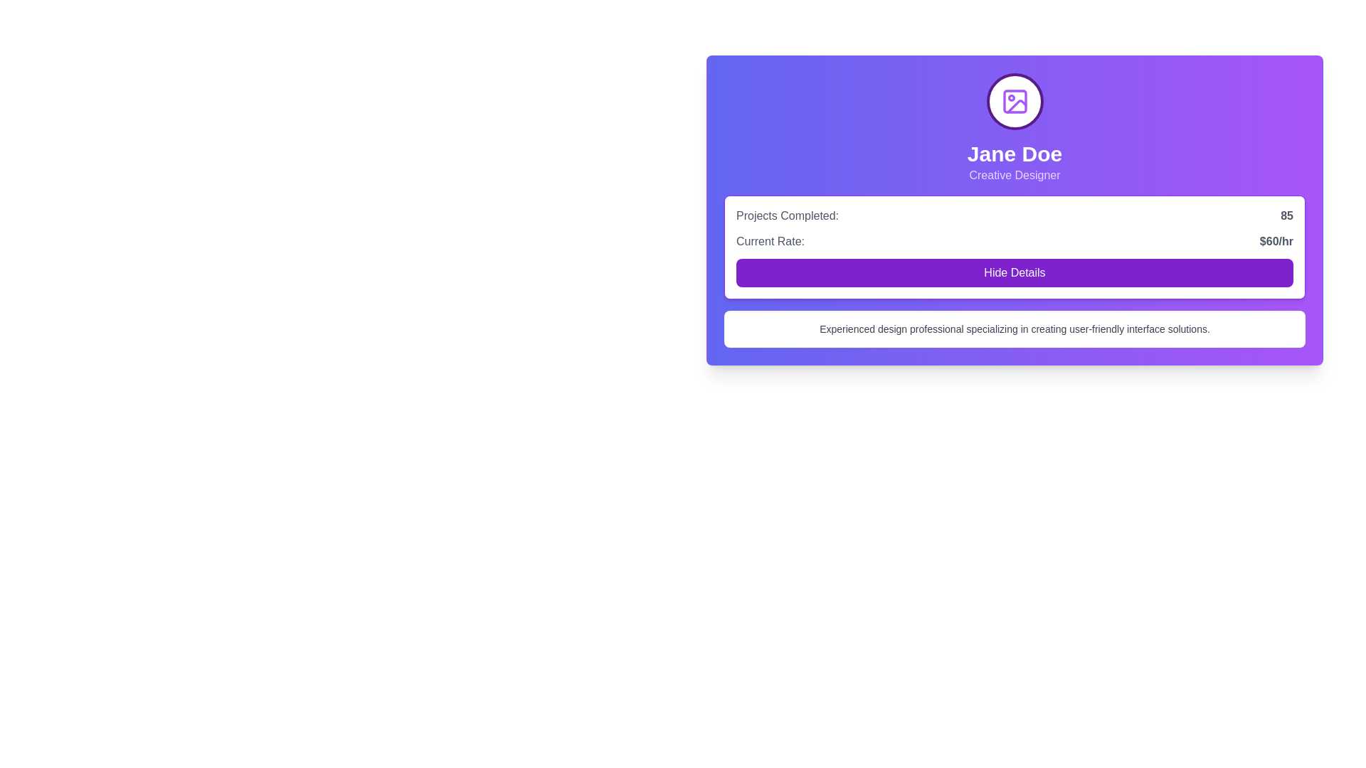  What do you see at coordinates (1014, 174) in the screenshot?
I see `the text label indicating the role or position associated with 'Jane Doe', which is positioned directly below her name and above the 'Projects Completed' section` at bounding box center [1014, 174].